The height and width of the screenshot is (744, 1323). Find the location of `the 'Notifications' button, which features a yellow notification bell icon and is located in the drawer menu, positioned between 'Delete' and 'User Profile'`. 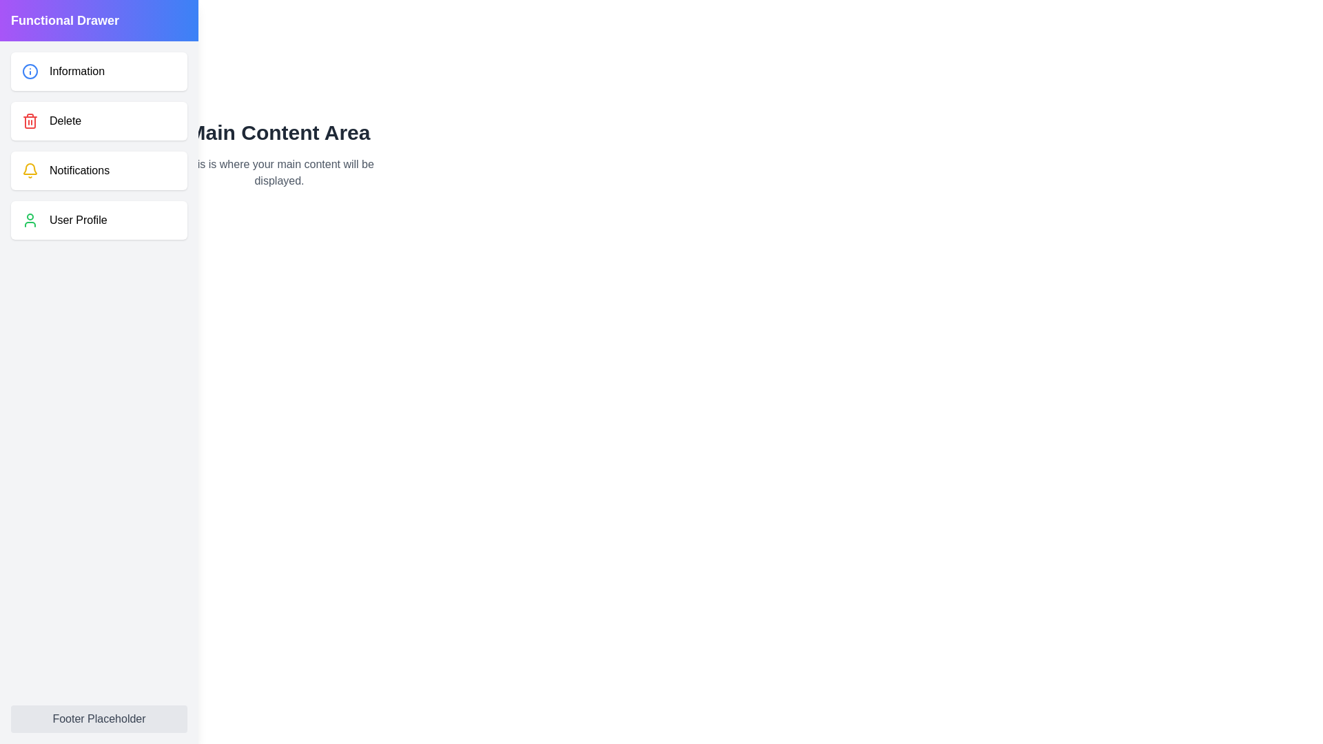

the 'Notifications' button, which features a yellow notification bell icon and is located in the drawer menu, positioned between 'Delete' and 'User Profile' is located at coordinates (99, 169).